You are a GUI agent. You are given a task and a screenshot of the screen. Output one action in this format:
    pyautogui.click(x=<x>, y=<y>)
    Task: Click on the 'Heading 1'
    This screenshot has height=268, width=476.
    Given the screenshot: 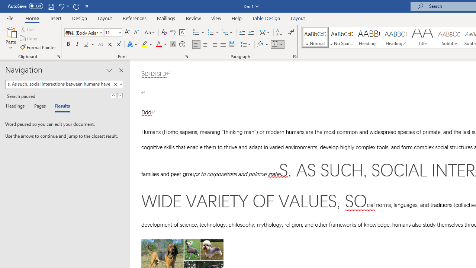 What is the action you would take?
    pyautogui.click(x=369, y=37)
    